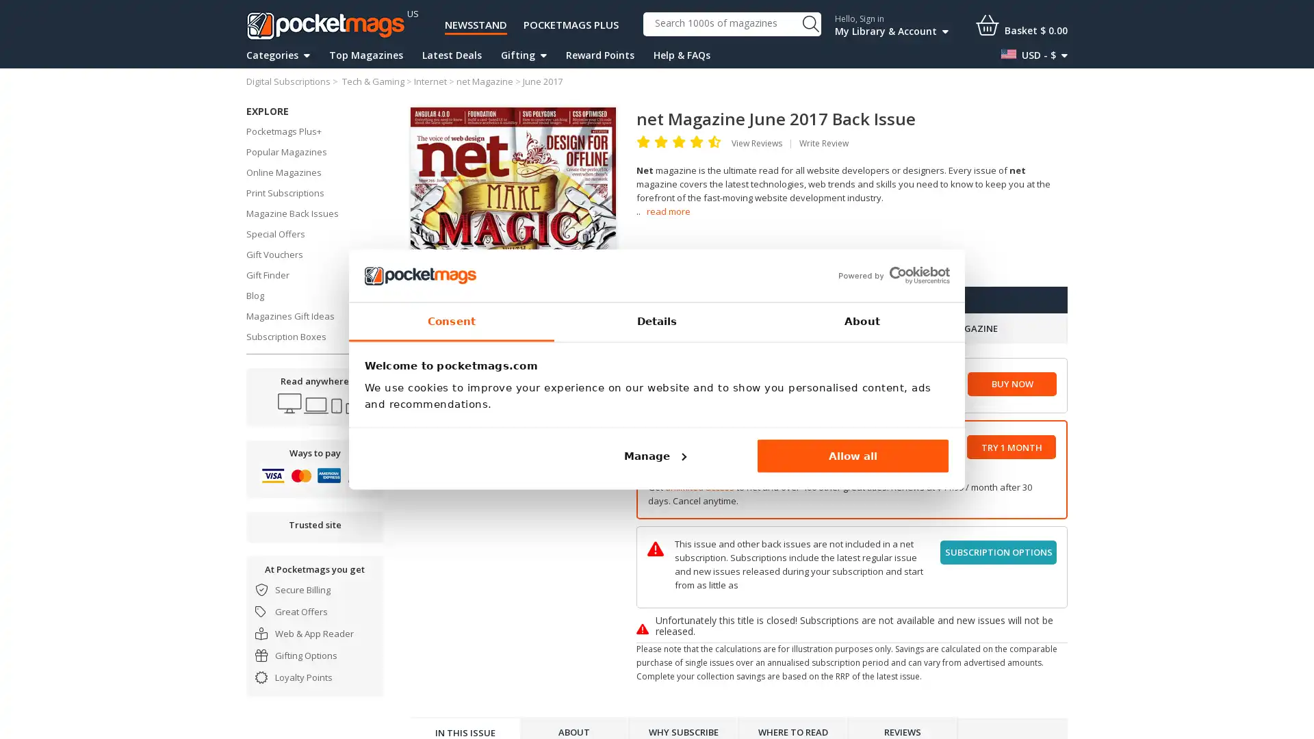 The height and width of the screenshot is (739, 1314). What do you see at coordinates (1012, 447) in the screenshot?
I see `Try 1 month` at bounding box center [1012, 447].